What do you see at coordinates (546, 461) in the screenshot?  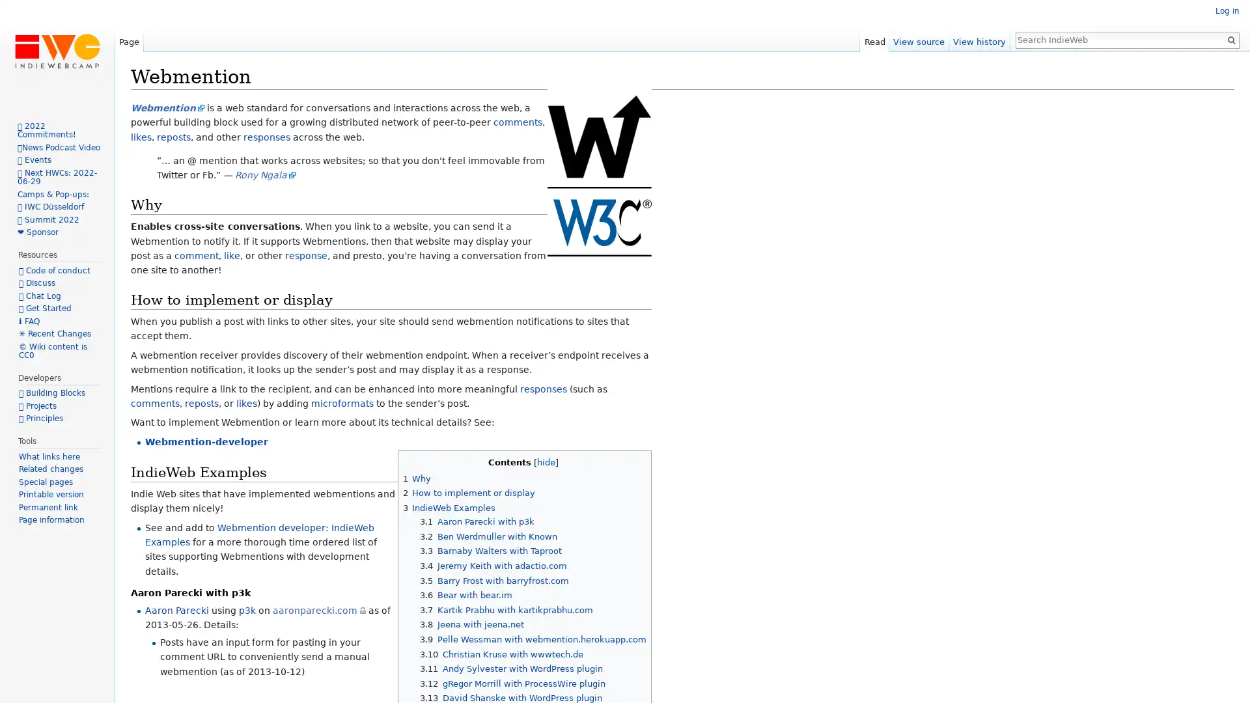 I see `hide` at bounding box center [546, 461].